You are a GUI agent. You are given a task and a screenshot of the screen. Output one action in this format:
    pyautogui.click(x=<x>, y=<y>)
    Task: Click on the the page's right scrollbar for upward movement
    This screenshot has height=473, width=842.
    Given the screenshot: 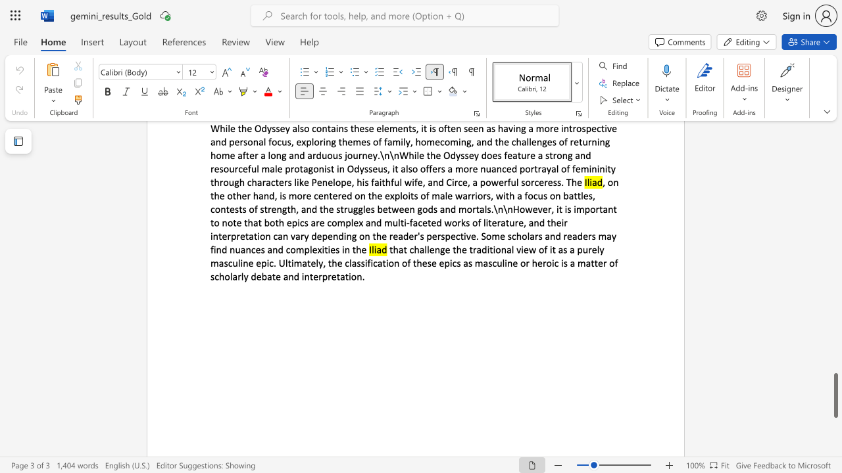 What is the action you would take?
    pyautogui.click(x=835, y=361)
    